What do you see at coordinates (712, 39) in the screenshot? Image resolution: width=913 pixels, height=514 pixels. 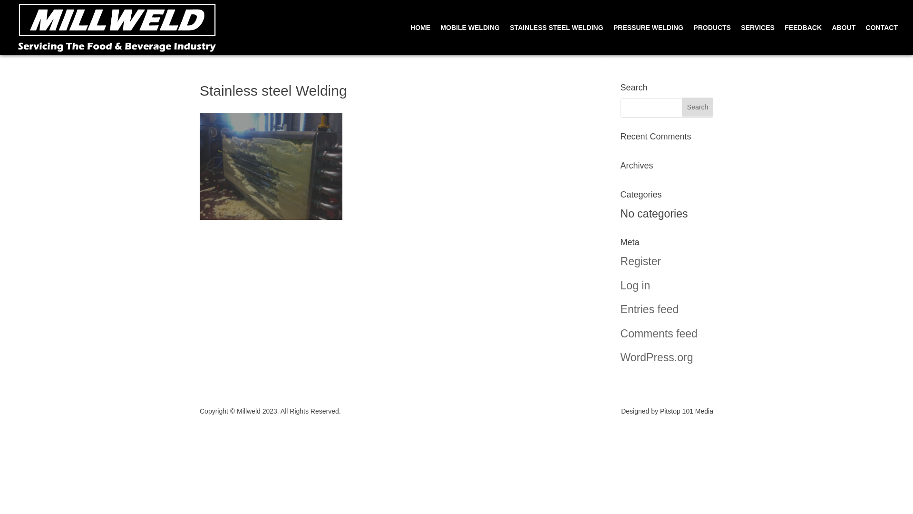 I see `'PRODUCTS'` at bounding box center [712, 39].